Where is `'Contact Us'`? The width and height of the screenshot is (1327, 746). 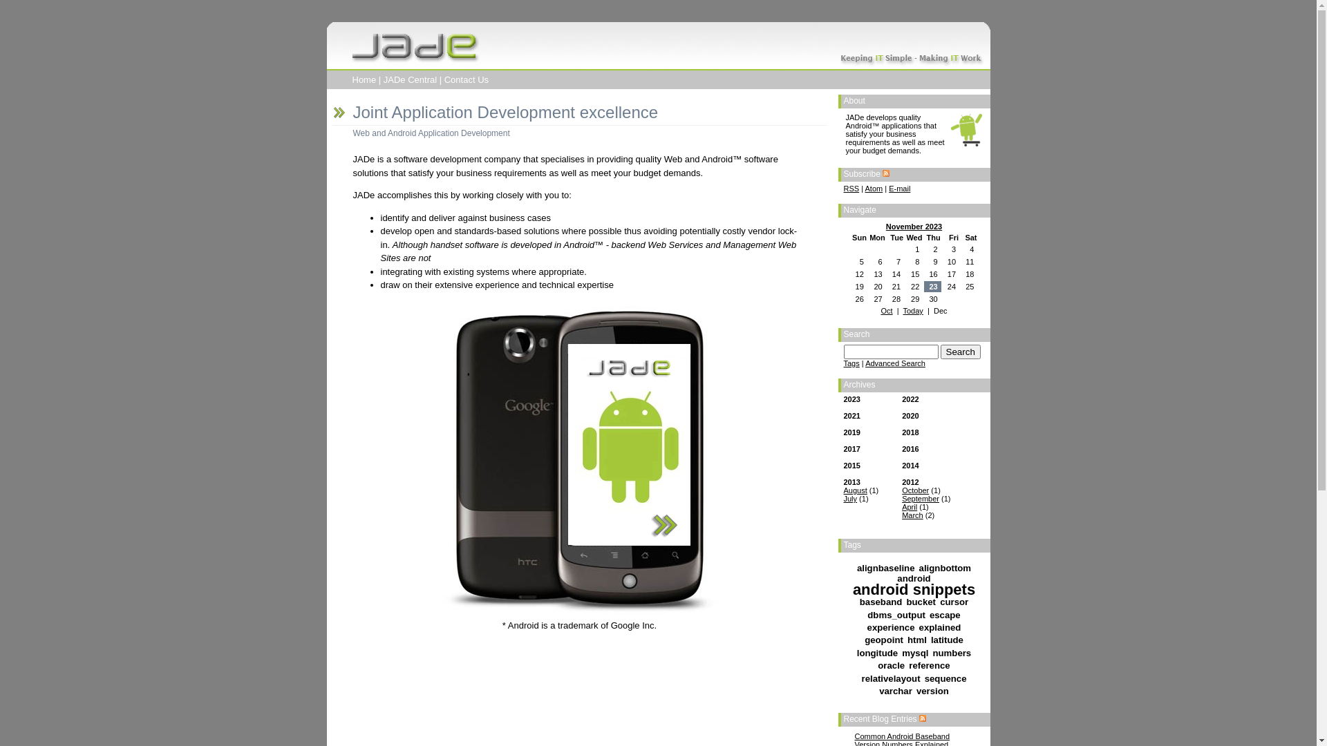
'Contact Us' is located at coordinates (467, 79).